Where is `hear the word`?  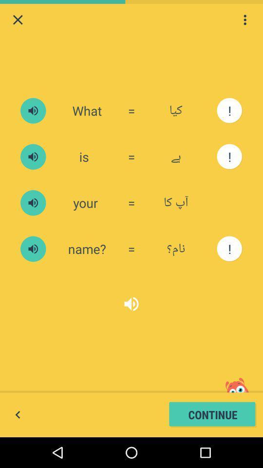
hear the word is located at coordinates (33, 111).